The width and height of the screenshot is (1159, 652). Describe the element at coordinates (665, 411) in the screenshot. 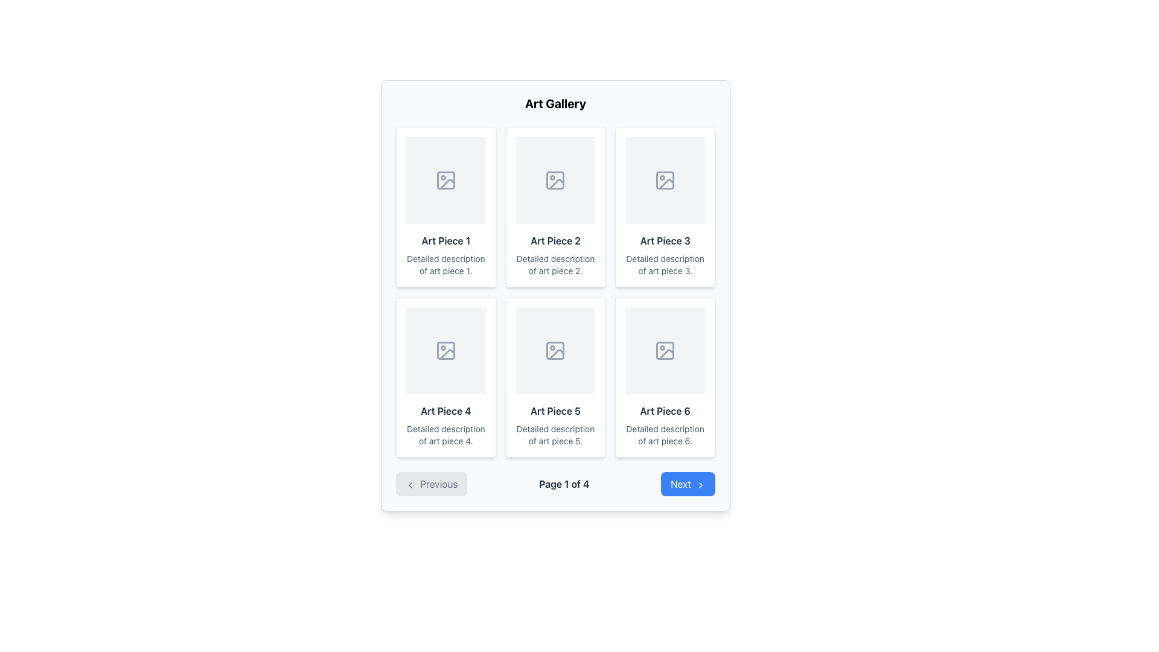

I see `the text label displaying the title 'Art Piece 6' located at the bottom section of the sixth card in a 3x2 grid layout` at that location.